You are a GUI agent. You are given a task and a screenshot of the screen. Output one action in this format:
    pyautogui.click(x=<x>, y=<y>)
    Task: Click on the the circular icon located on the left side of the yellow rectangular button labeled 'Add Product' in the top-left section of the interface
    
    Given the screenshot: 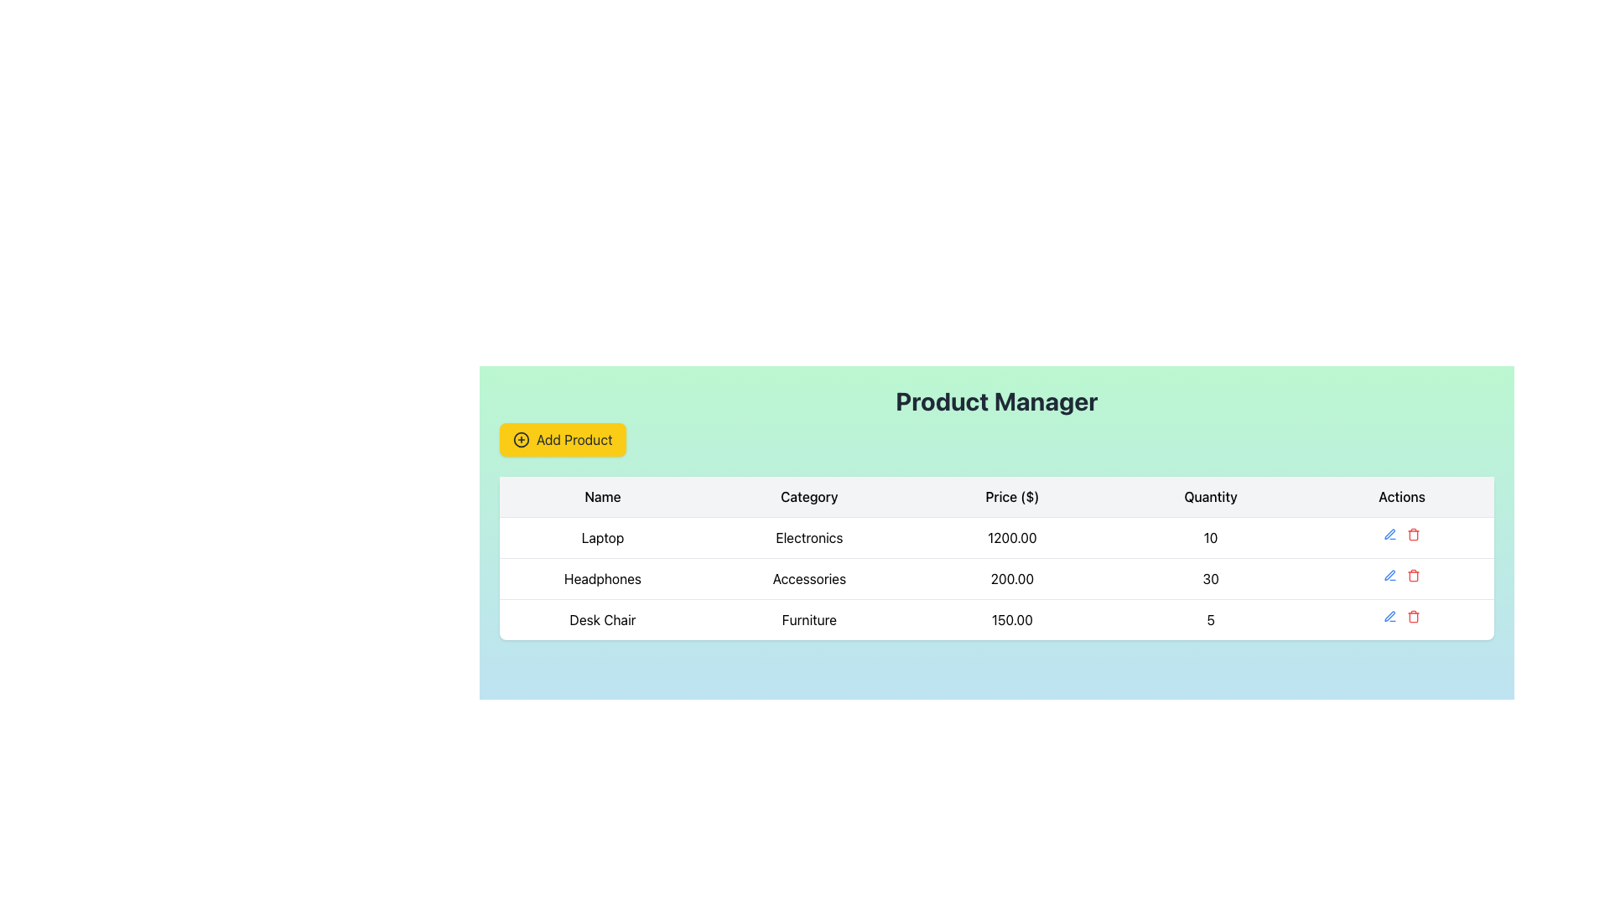 What is the action you would take?
    pyautogui.click(x=521, y=438)
    